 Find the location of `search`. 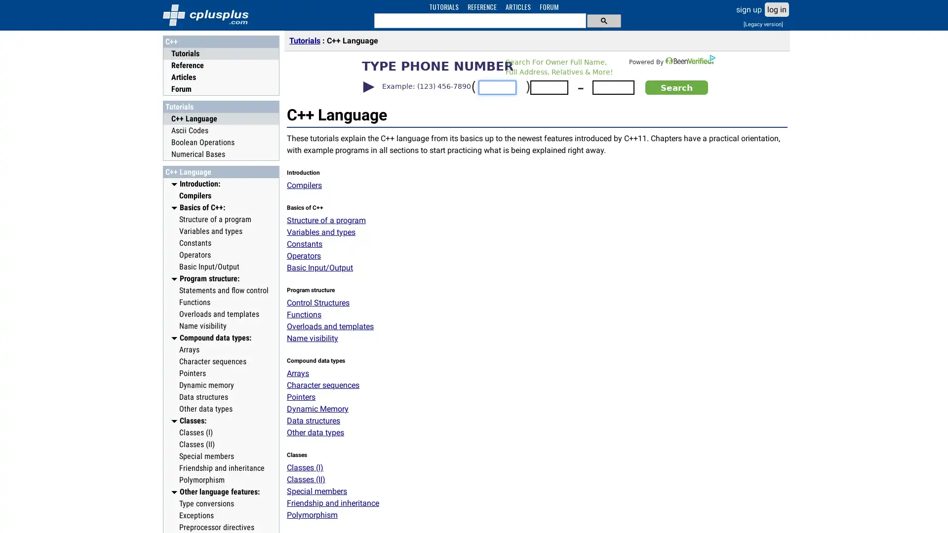

search is located at coordinates (603, 20).